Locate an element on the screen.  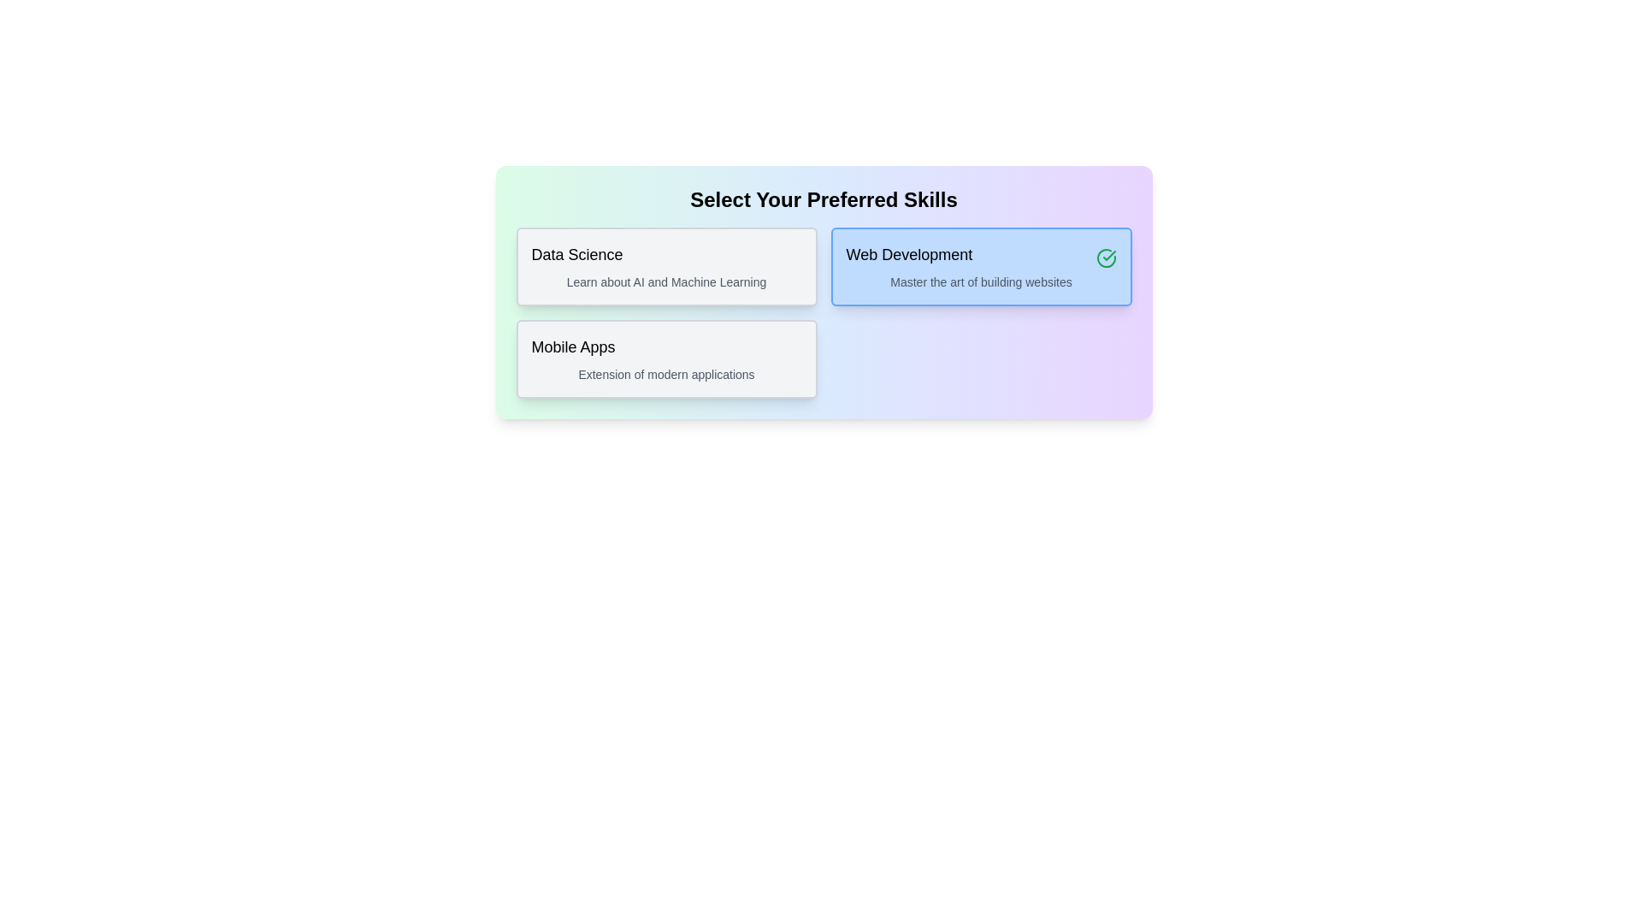
the chip labeled Mobile Apps to observe its hover effect is located at coordinates (665, 358).